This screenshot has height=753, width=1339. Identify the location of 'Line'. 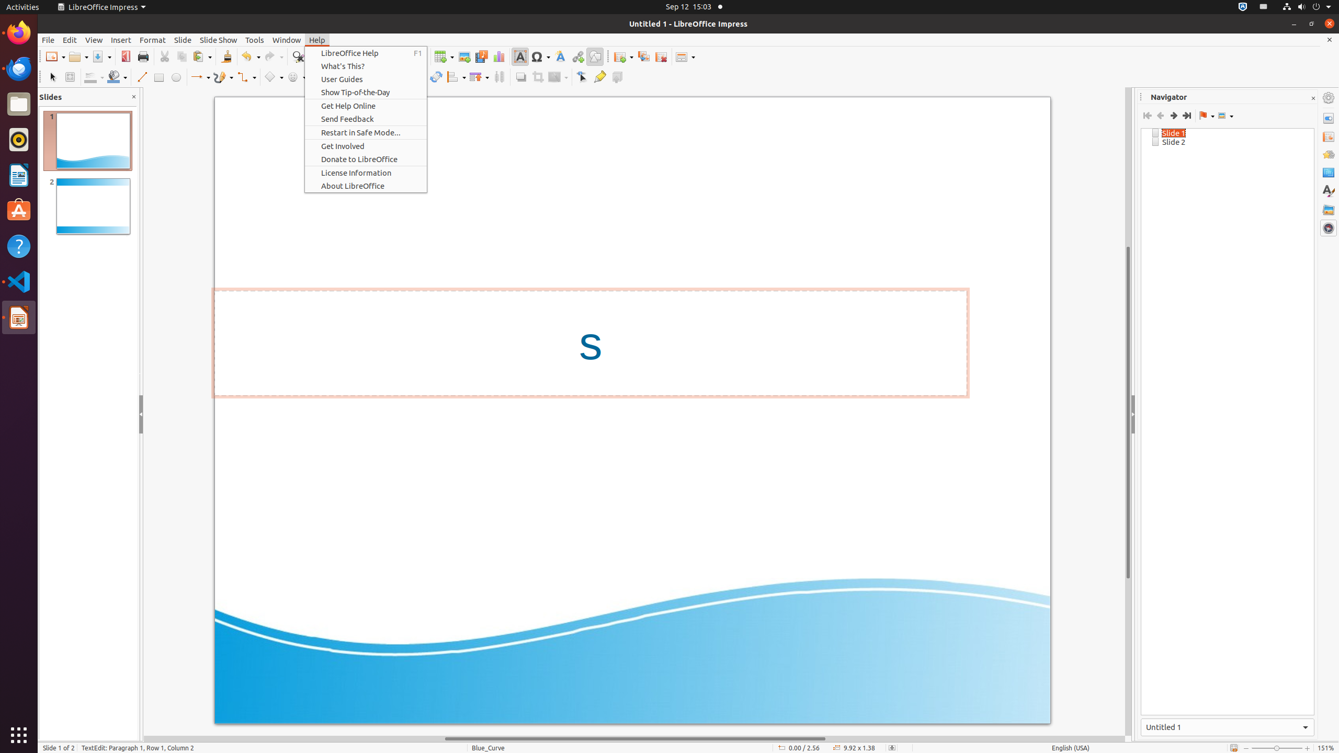
(141, 76).